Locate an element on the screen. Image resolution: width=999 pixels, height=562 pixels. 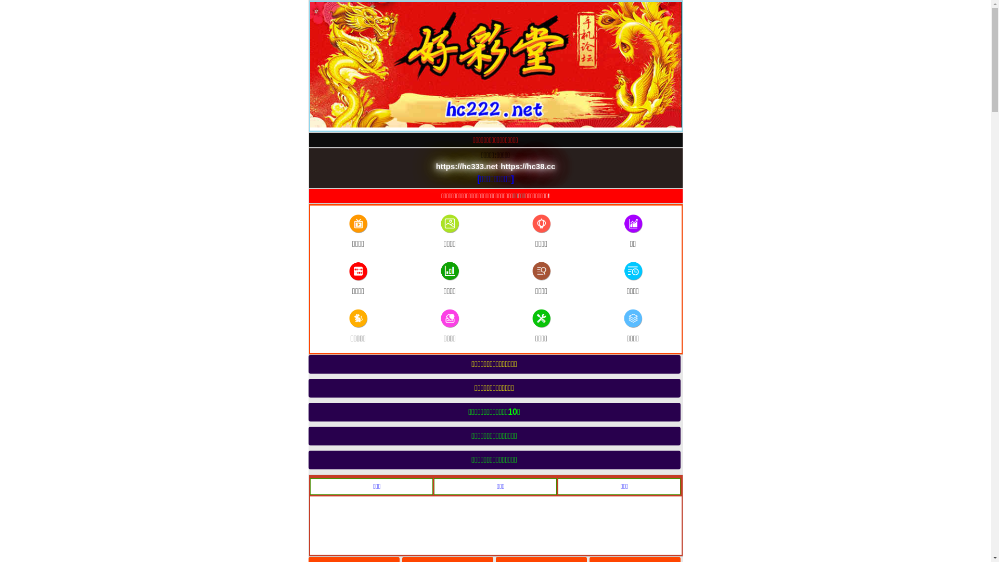
'https://hc333.net' is located at coordinates (466, 165).